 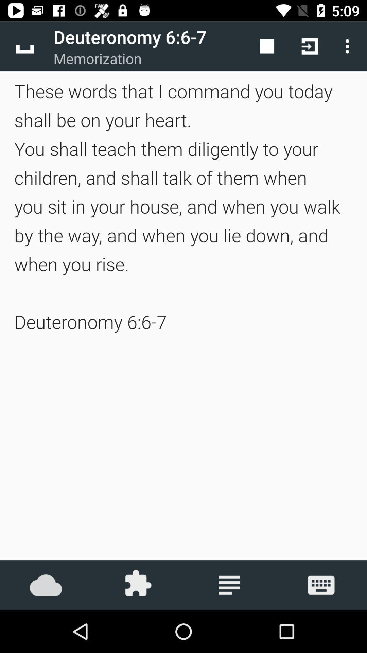 What do you see at coordinates (24, 46) in the screenshot?
I see `the icon to the left of deuteronomy 6 6 item` at bounding box center [24, 46].